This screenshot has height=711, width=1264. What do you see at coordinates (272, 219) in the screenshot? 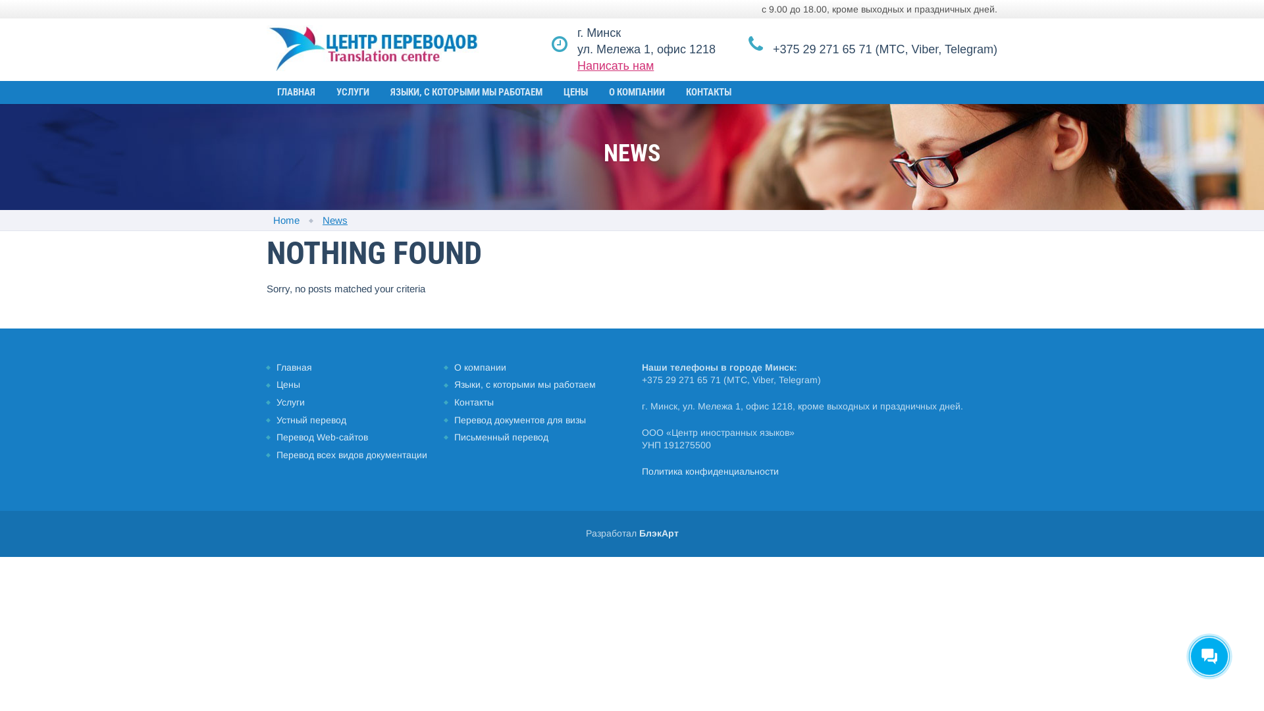
I see `'Home'` at bounding box center [272, 219].